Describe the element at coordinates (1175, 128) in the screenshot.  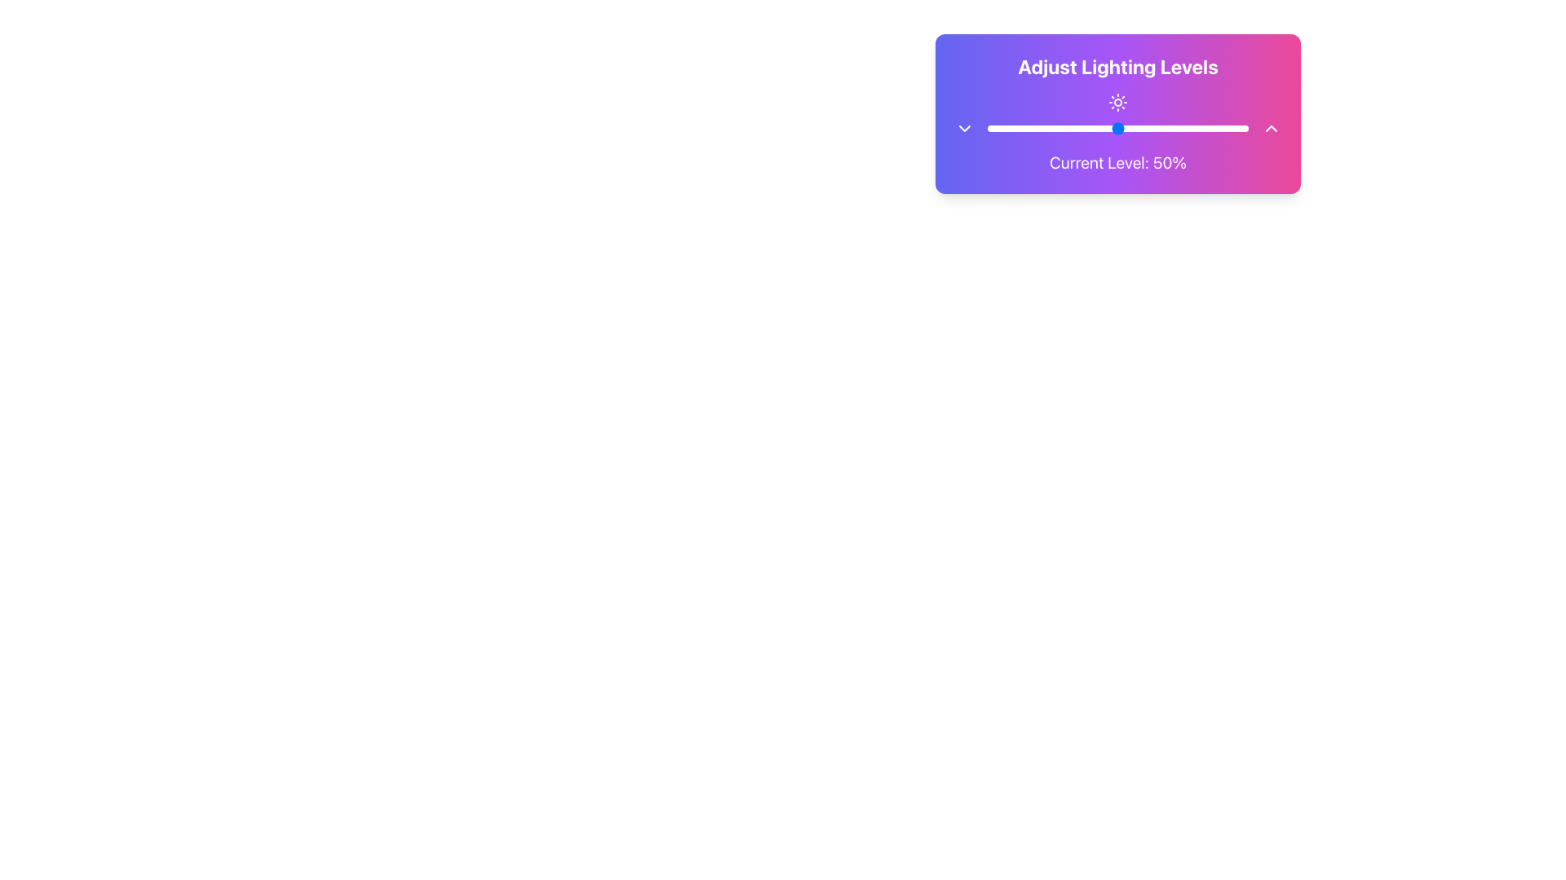
I see `the lighting level` at that location.